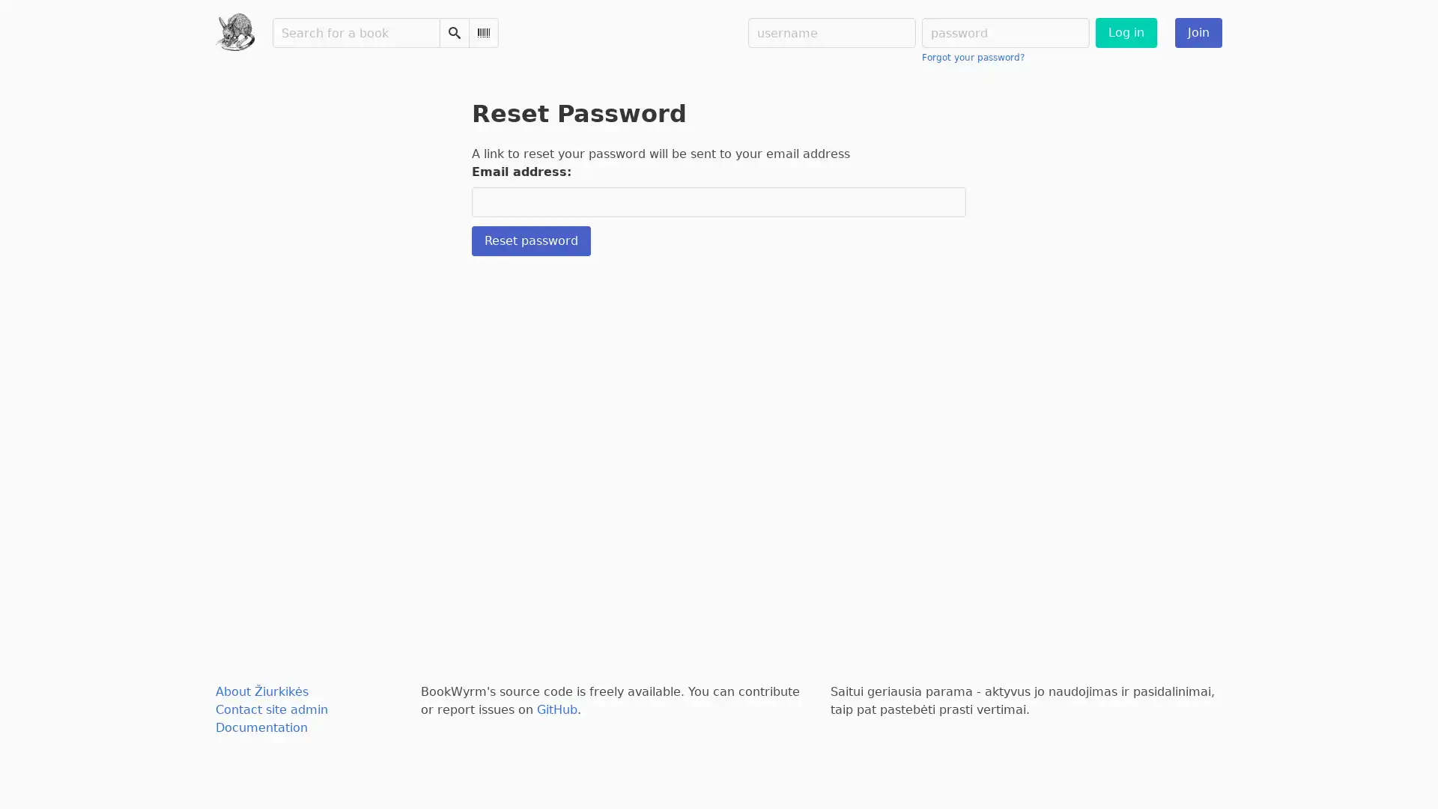  I want to click on Search, so click(452, 32).